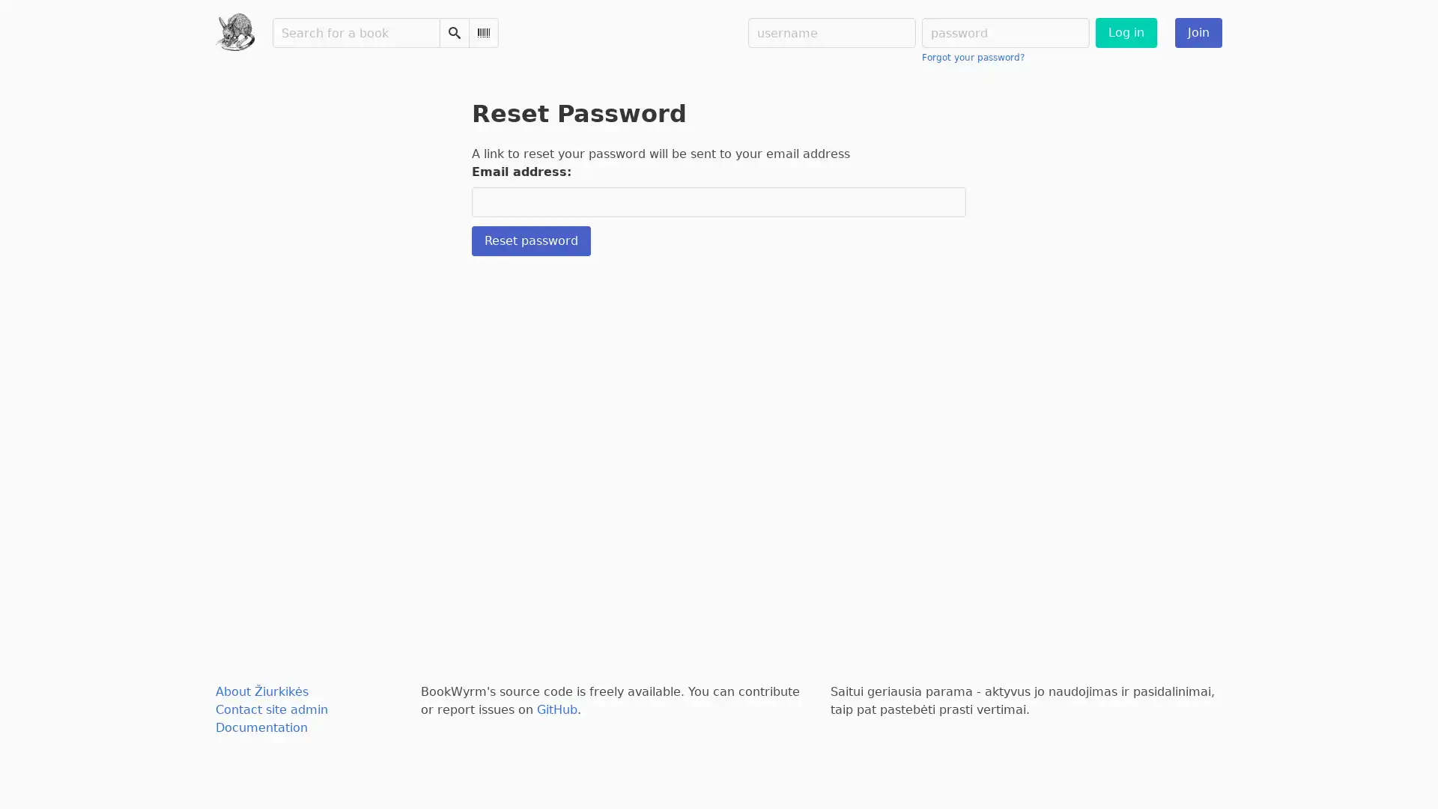  I want to click on Search, so click(452, 32).